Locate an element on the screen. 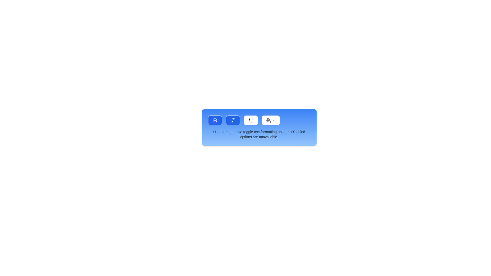 Image resolution: width=491 pixels, height=276 pixels. the disabled dropdown button for selecting color or fill options, which is the fourth button in the formatting options row at the bottom of the bar is located at coordinates (270, 120).